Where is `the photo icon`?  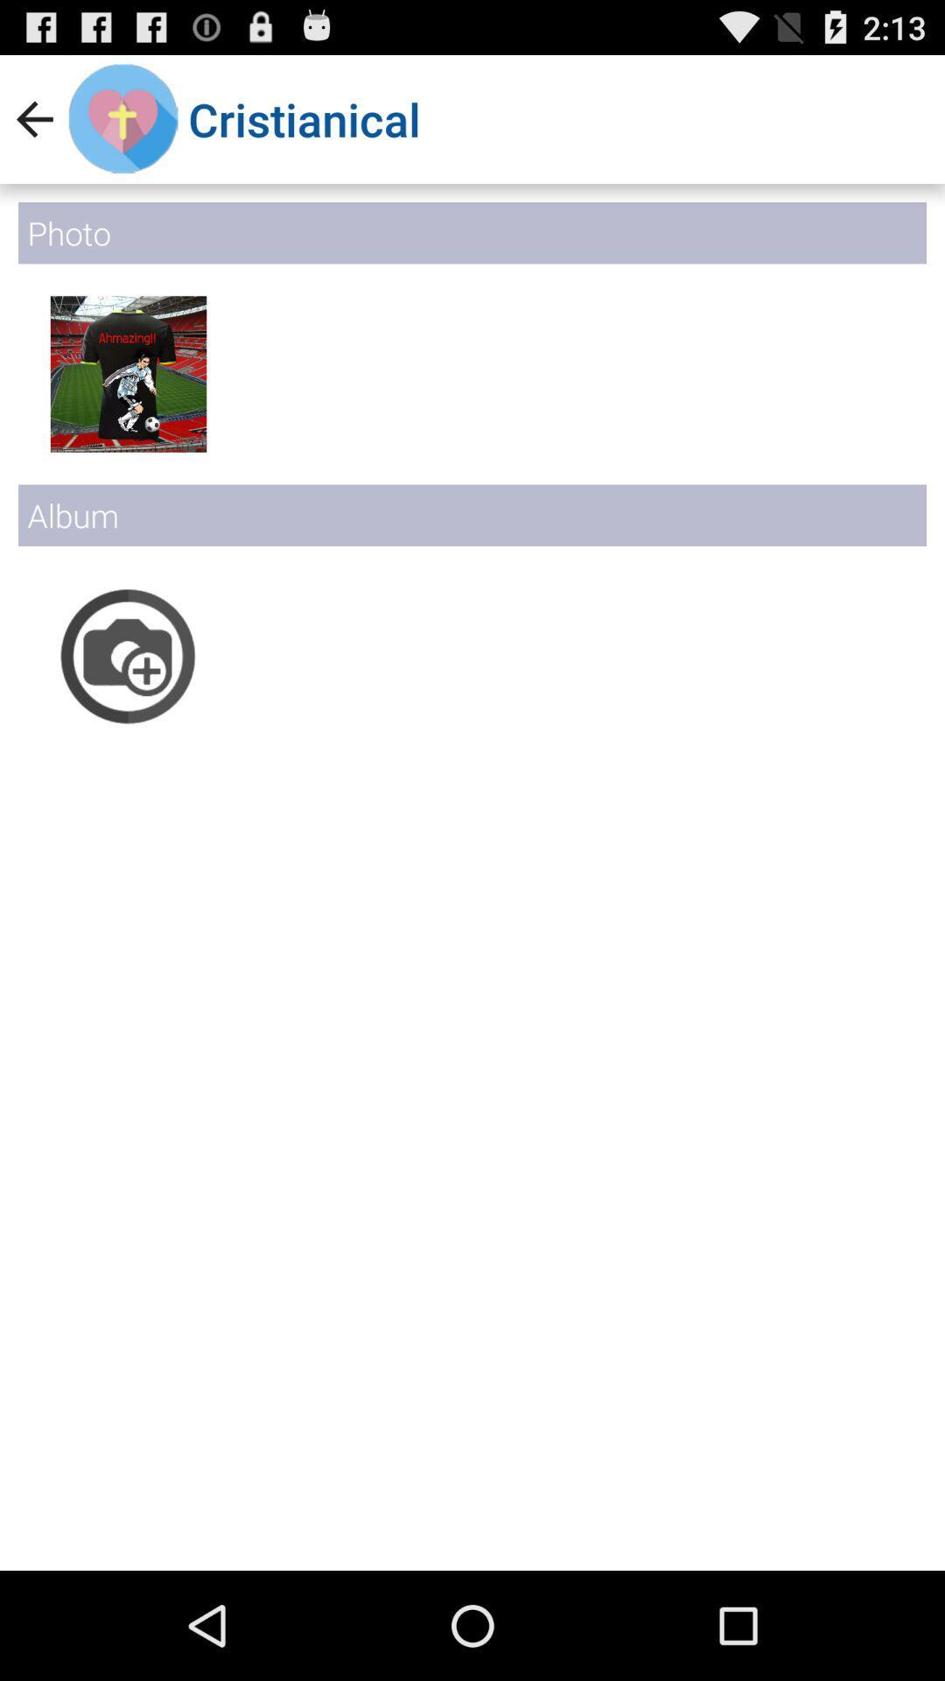
the photo icon is located at coordinates (127, 702).